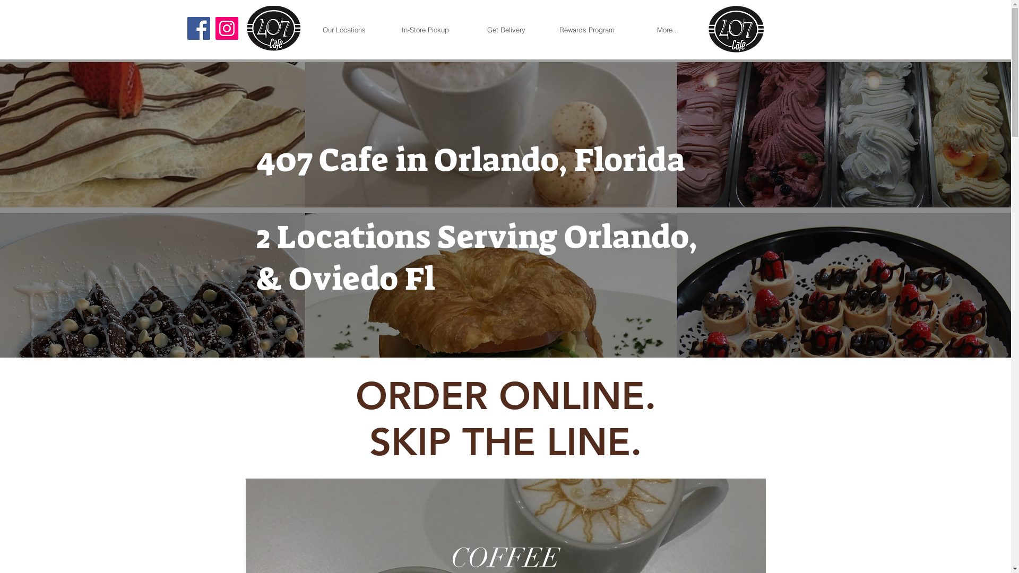  I want to click on 'In-Store Pickup', so click(425, 29).